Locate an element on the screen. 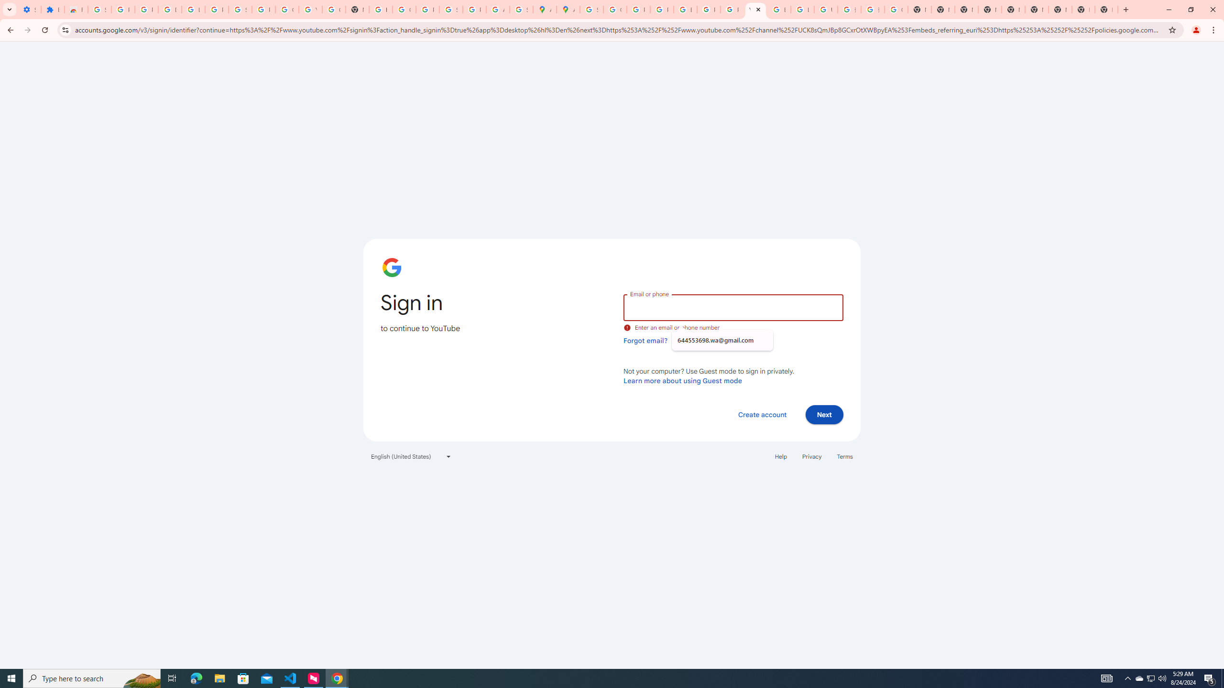 The width and height of the screenshot is (1224, 688). 'Learn more about using Guest mode' is located at coordinates (682, 380).